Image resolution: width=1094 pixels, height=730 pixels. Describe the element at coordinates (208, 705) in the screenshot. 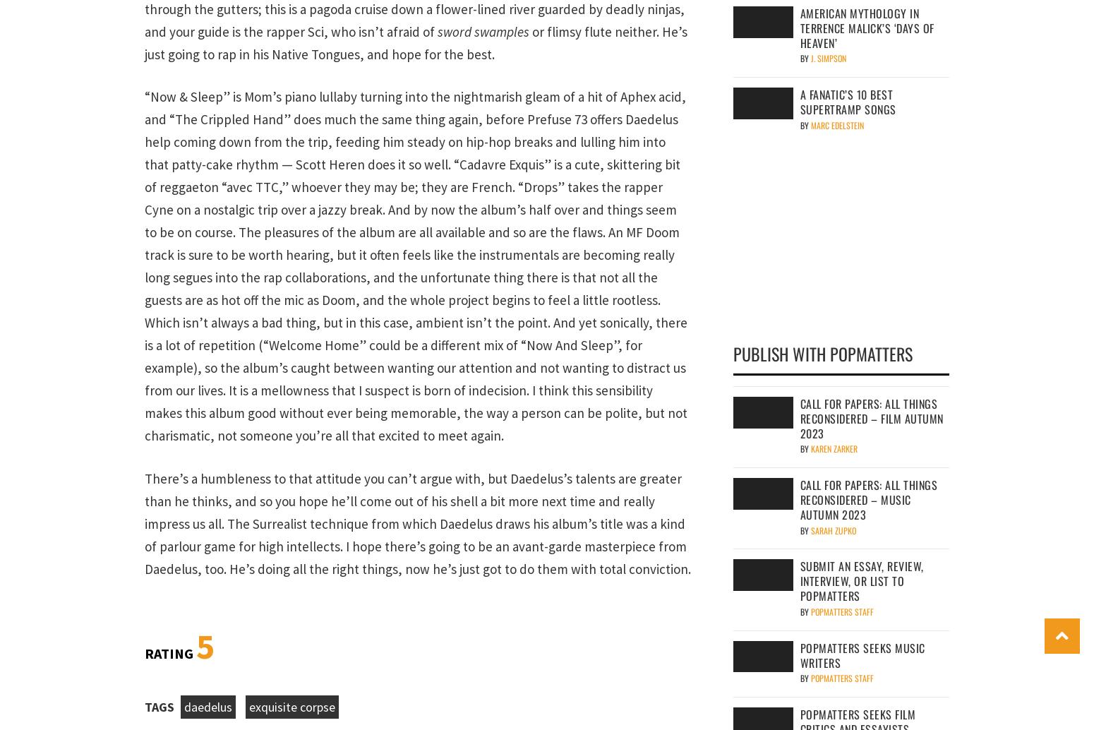

I see `'daedelus'` at that location.